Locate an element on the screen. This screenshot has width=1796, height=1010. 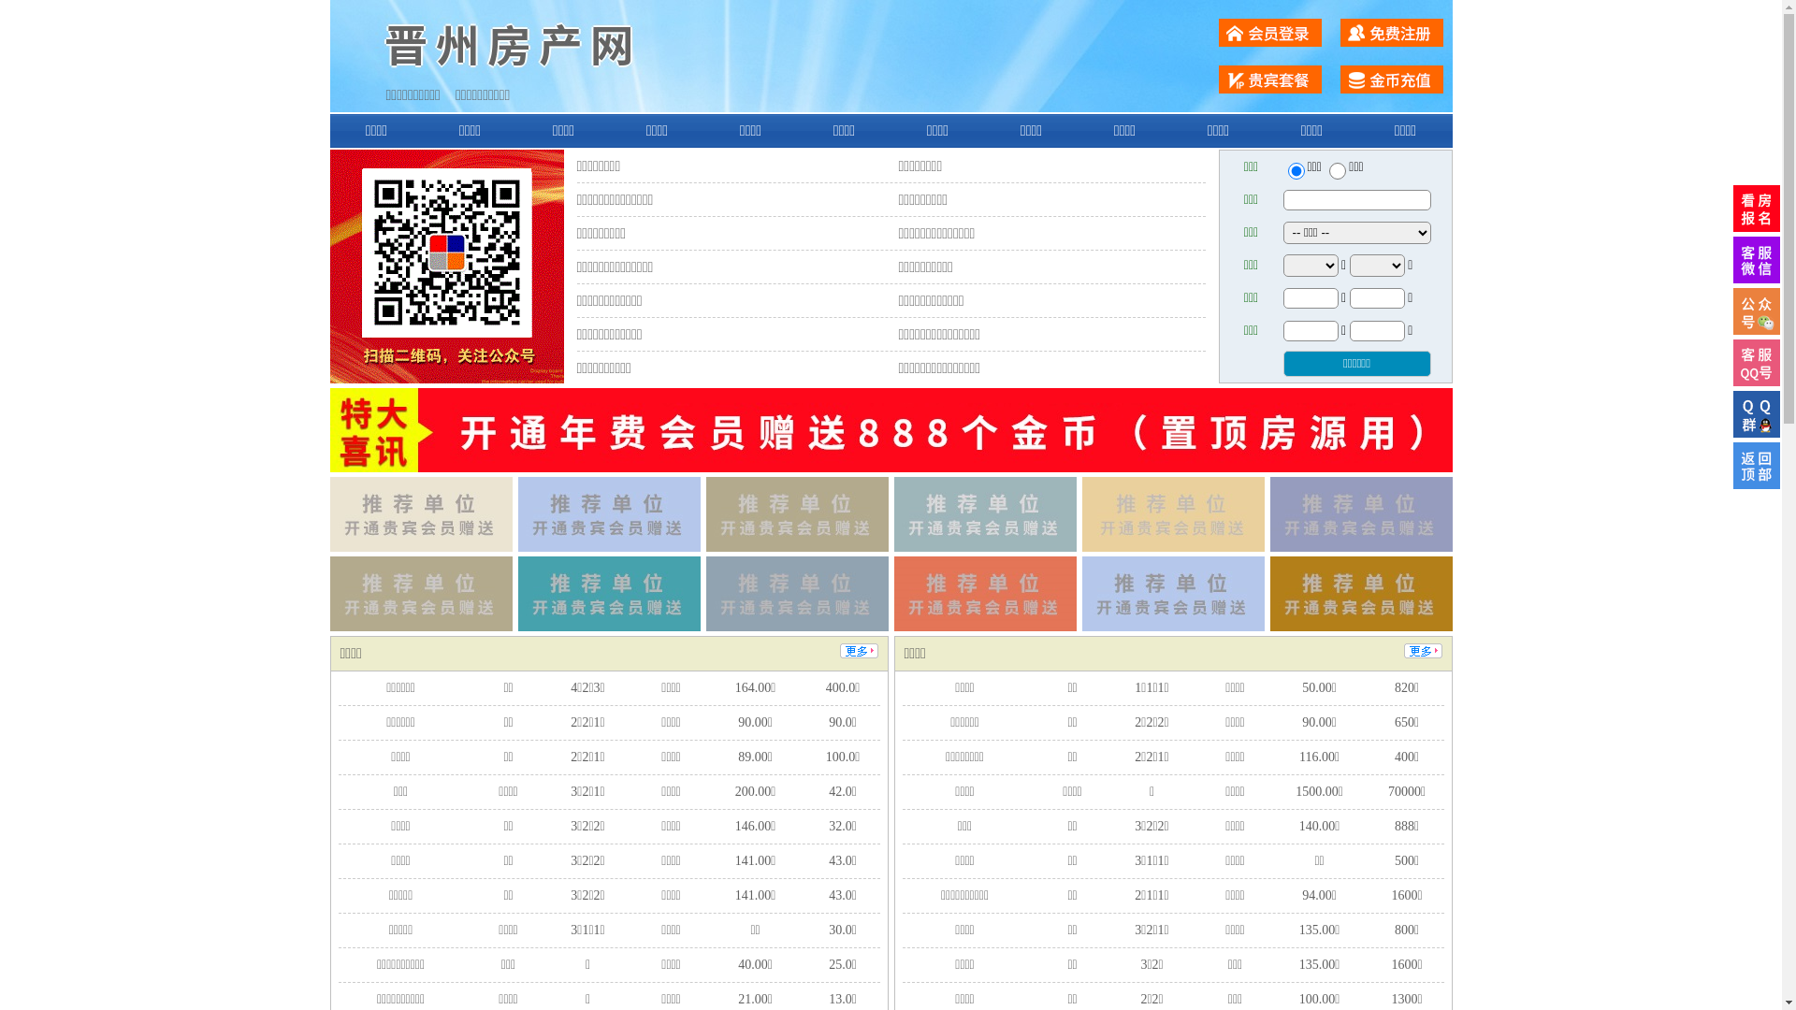
'ershou' is located at coordinates (1295, 170).